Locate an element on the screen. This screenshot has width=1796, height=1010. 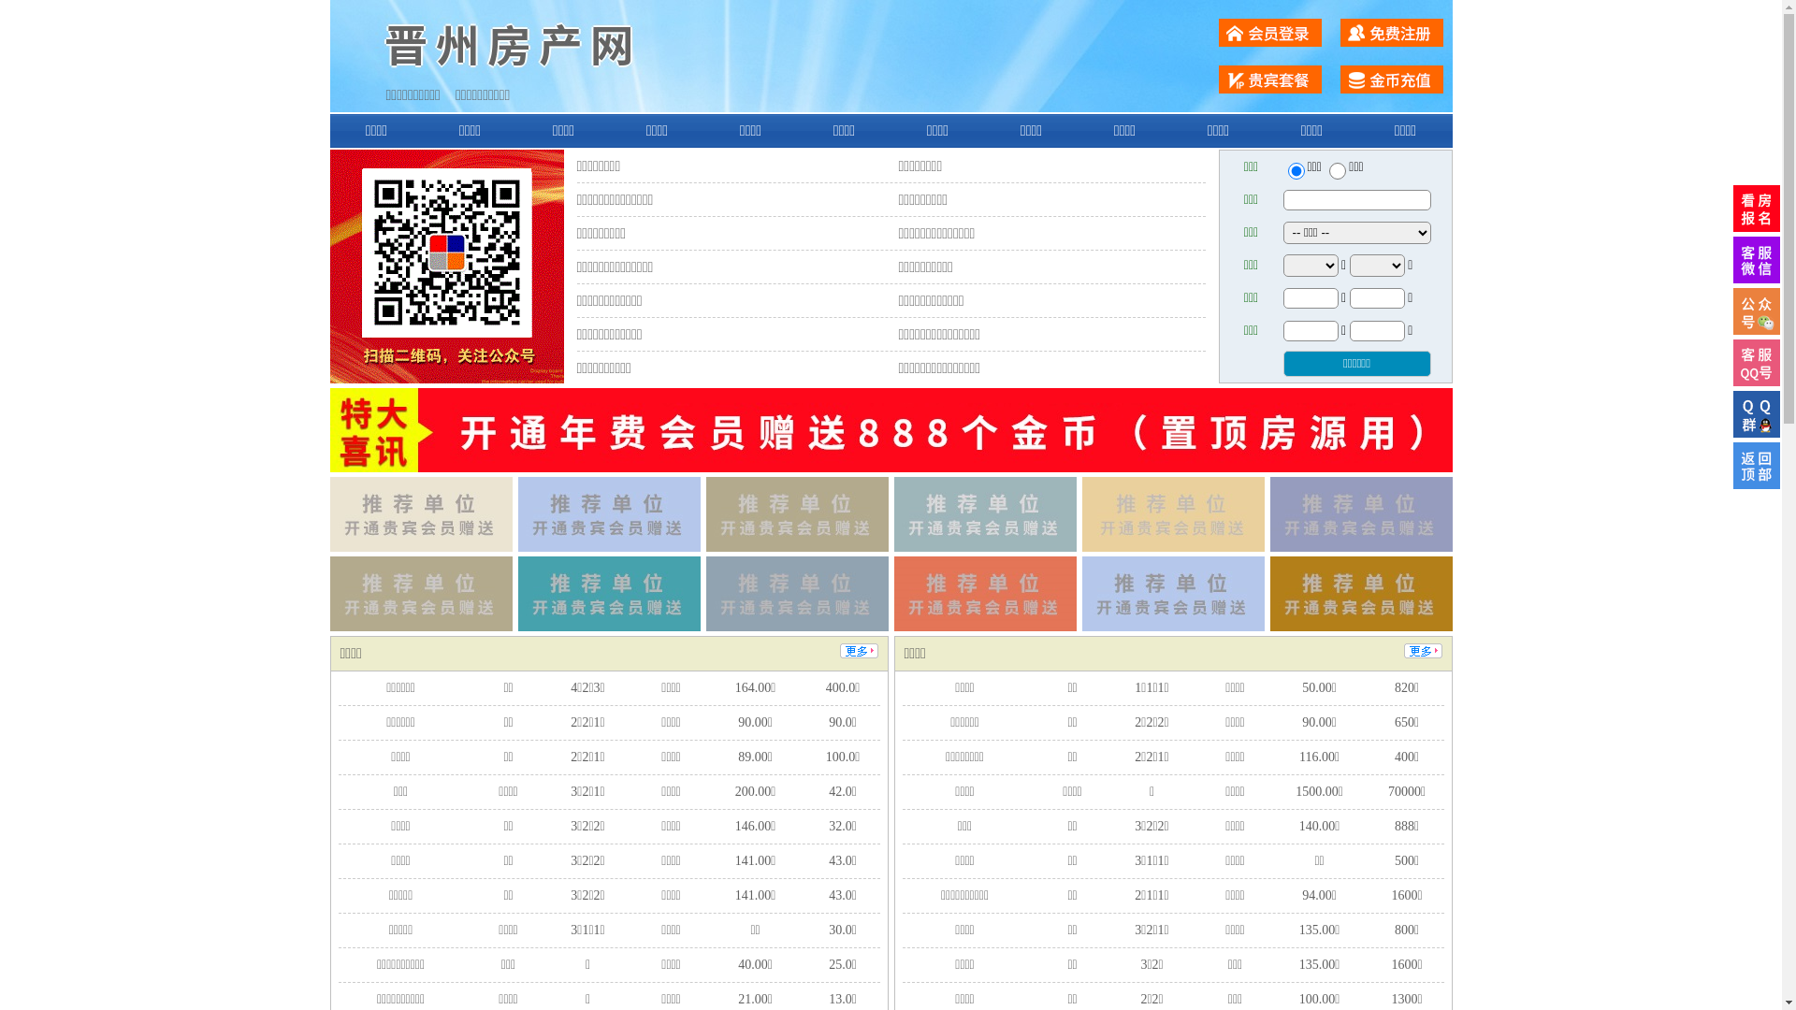
'ershou' is located at coordinates (1295, 170).